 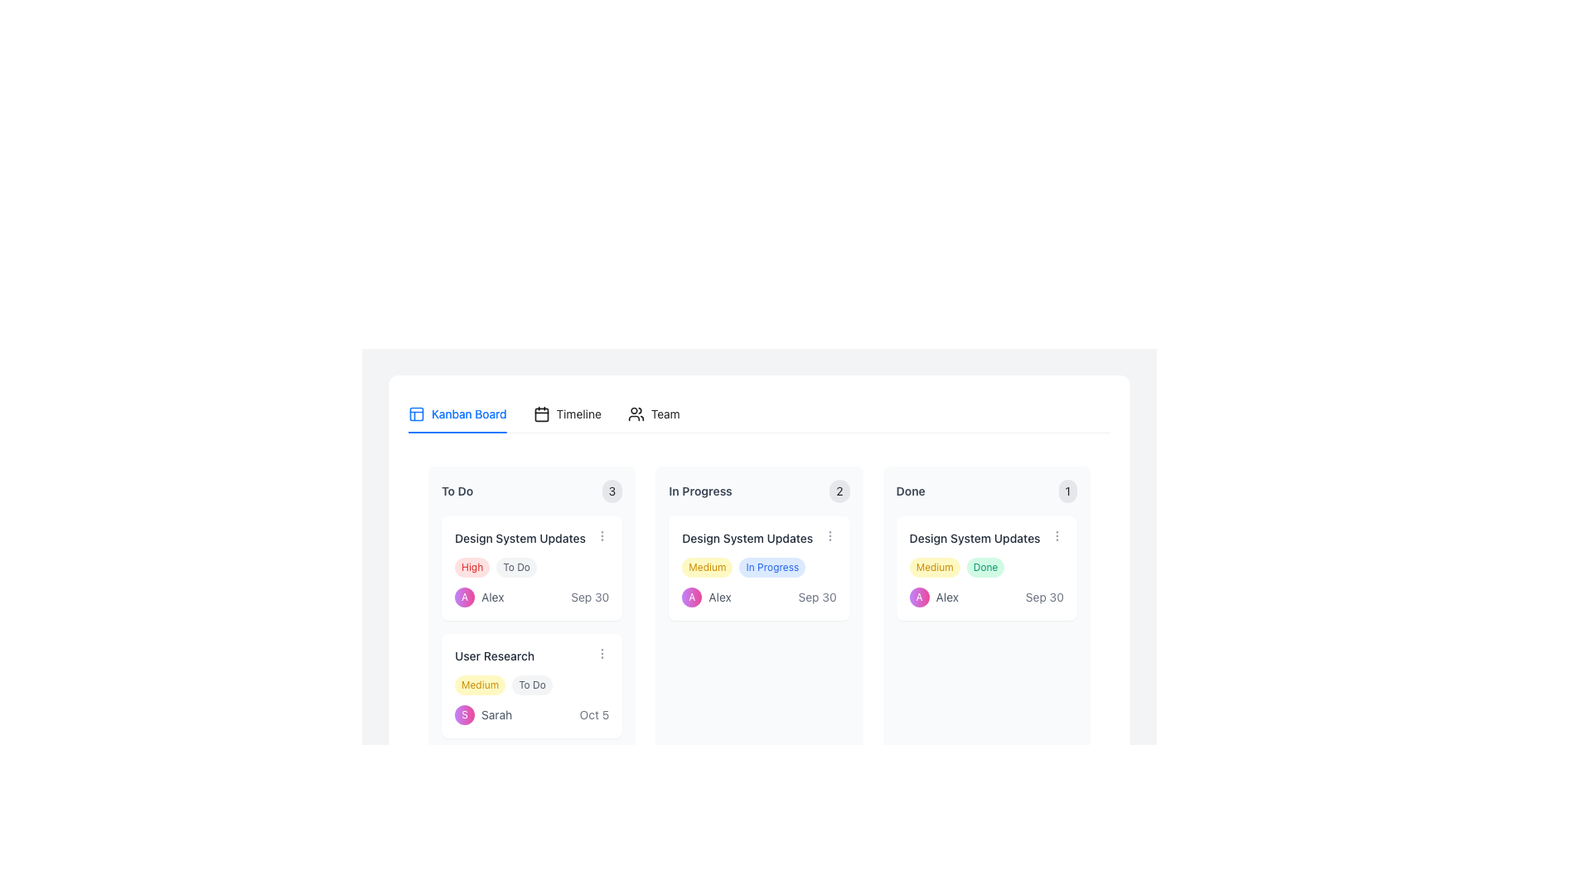 I want to click on the first tab labeled 'Kanban Board', so click(x=457, y=414).